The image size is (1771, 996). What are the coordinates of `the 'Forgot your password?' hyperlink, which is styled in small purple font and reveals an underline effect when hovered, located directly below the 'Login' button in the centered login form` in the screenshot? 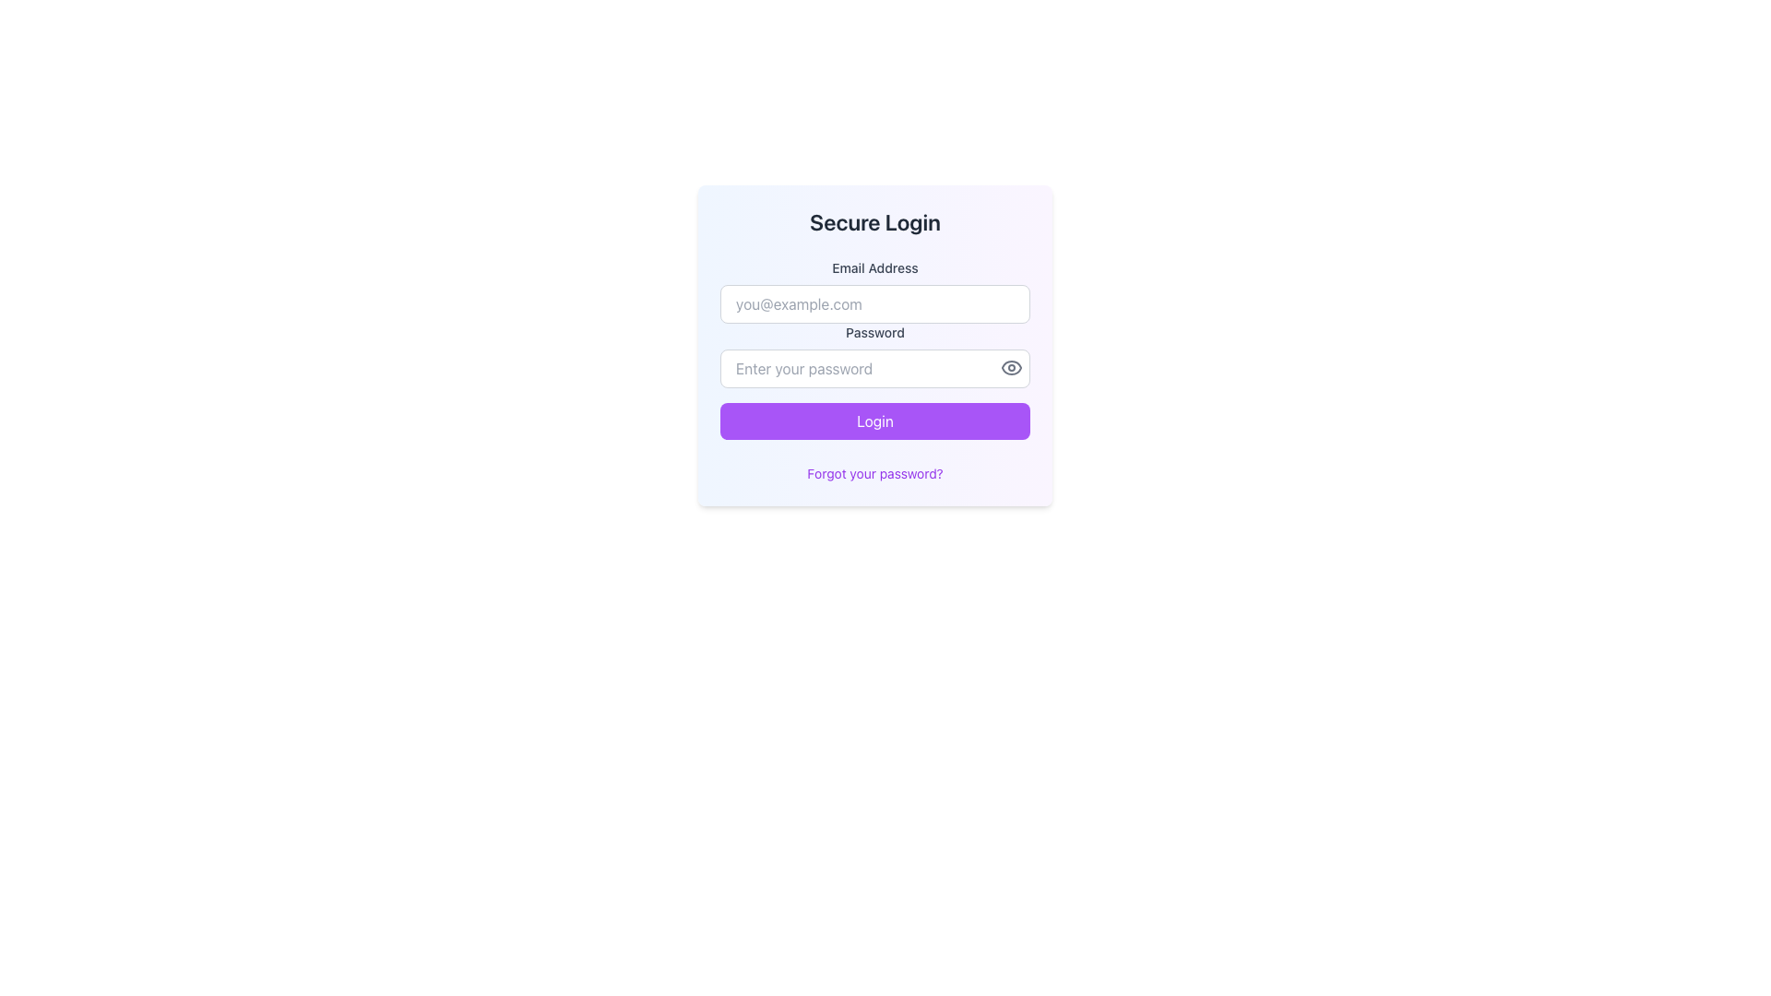 It's located at (874, 472).